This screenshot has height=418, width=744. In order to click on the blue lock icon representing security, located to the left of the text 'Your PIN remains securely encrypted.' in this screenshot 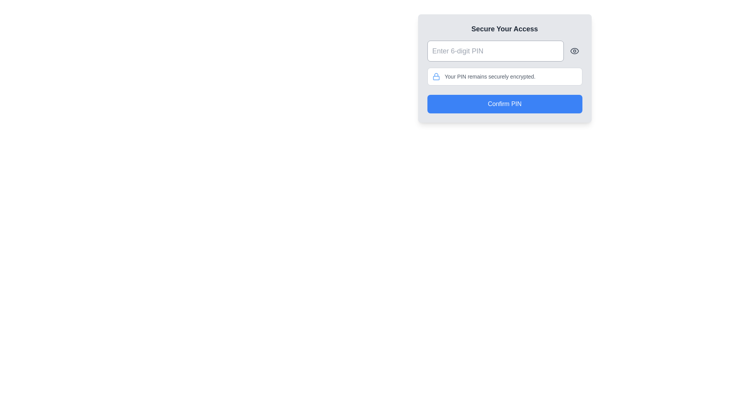, I will do `click(436, 76)`.